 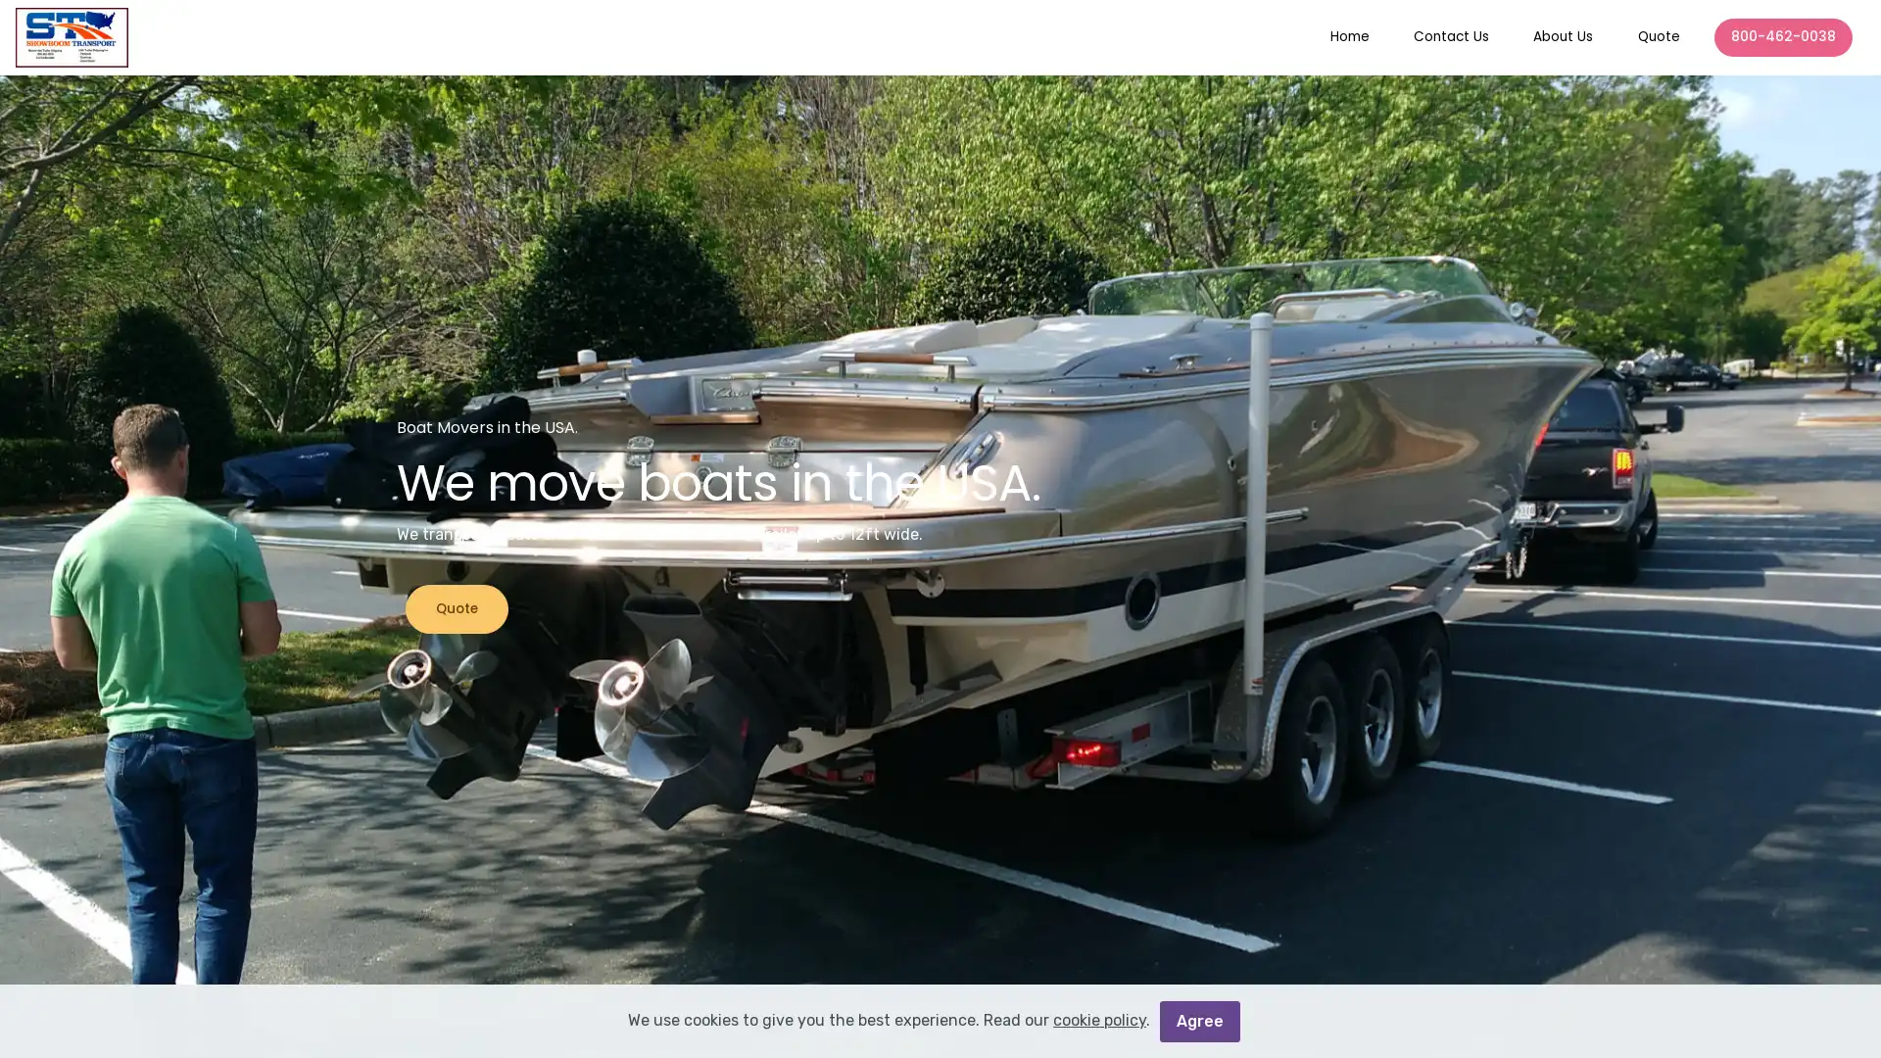 I want to click on Agree, so click(x=1198, y=1019).